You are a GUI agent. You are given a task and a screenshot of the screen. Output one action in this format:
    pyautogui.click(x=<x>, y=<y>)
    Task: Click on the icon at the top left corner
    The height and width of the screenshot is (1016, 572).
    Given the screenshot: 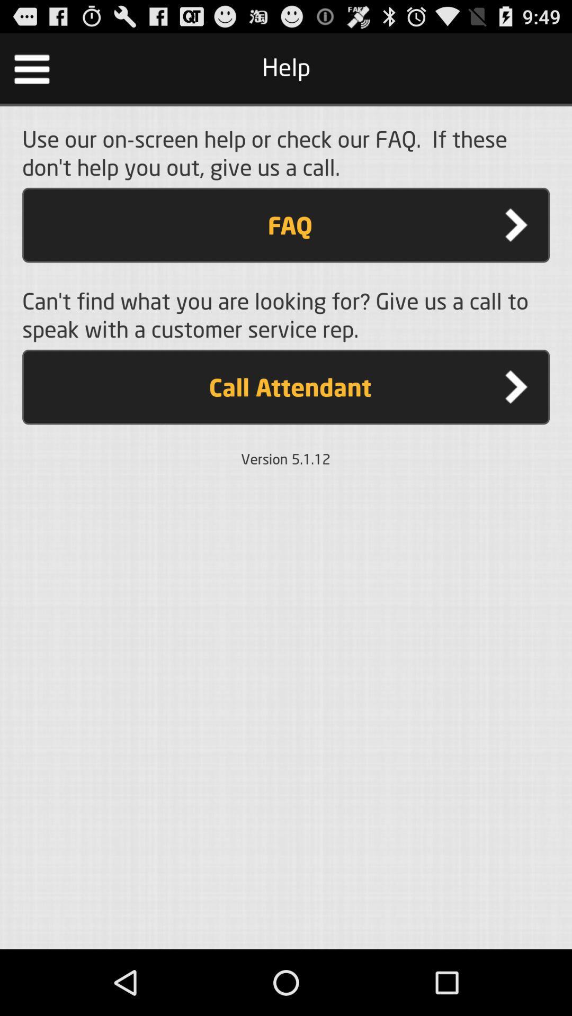 What is the action you would take?
    pyautogui.click(x=31, y=68)
    